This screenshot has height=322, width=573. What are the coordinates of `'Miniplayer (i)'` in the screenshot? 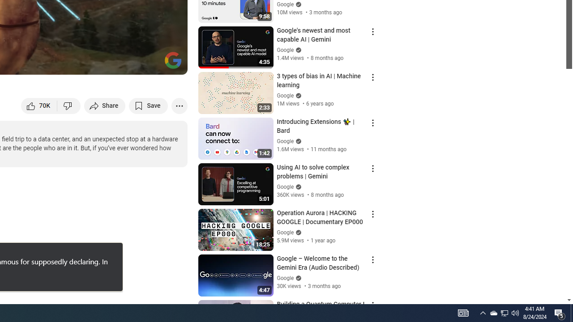 It's located at (128, 63).